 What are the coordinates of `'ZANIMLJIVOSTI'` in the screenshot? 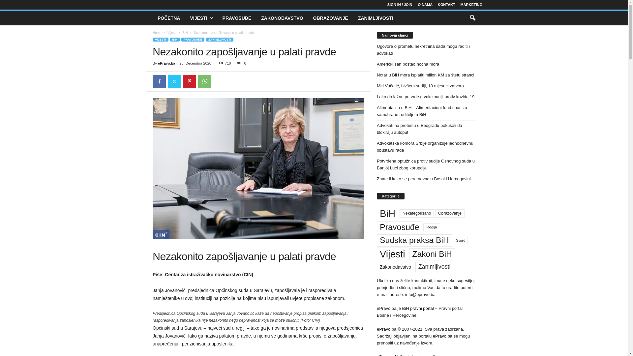 It's located at (376, 17).